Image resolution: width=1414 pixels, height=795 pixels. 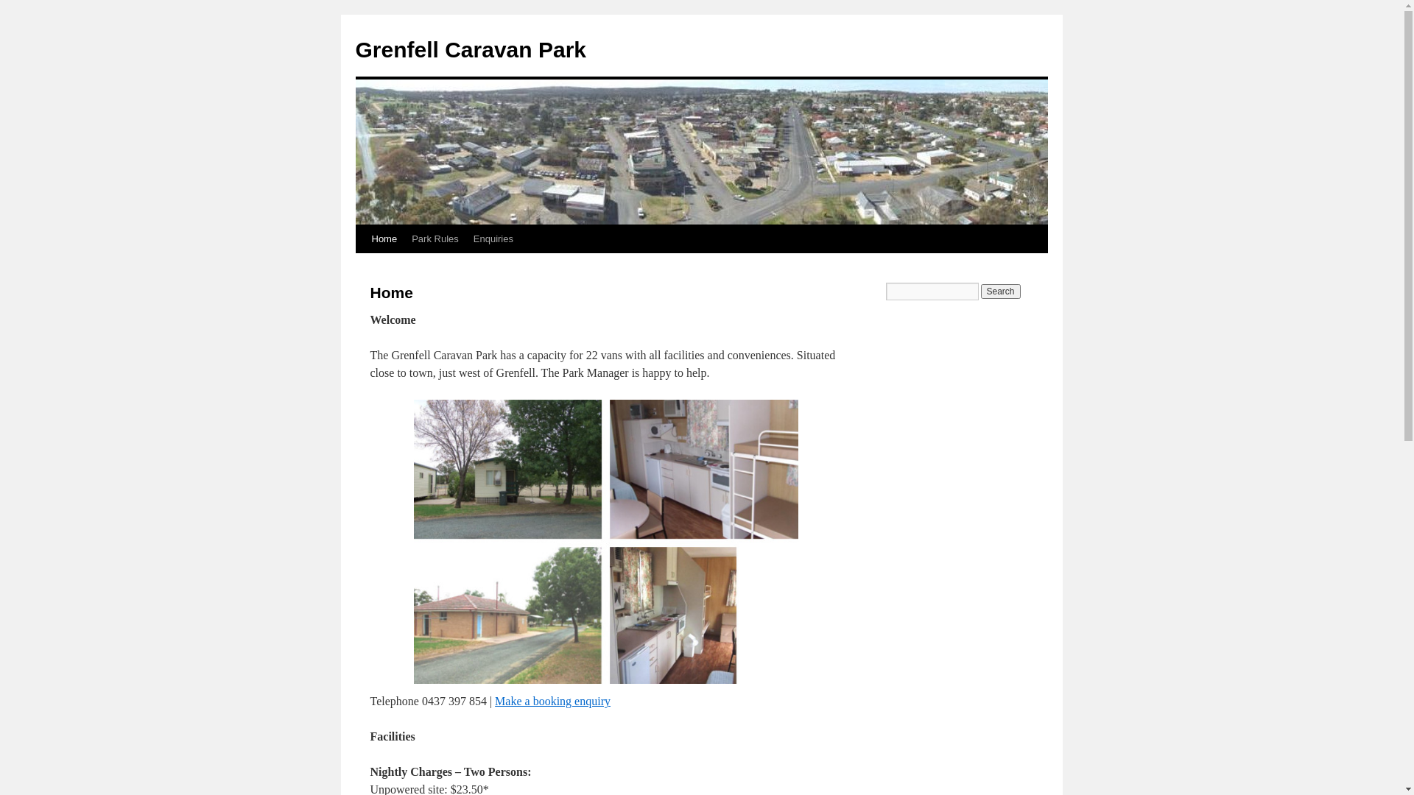 I want to click on 'Home', so click(x=384, y=238).